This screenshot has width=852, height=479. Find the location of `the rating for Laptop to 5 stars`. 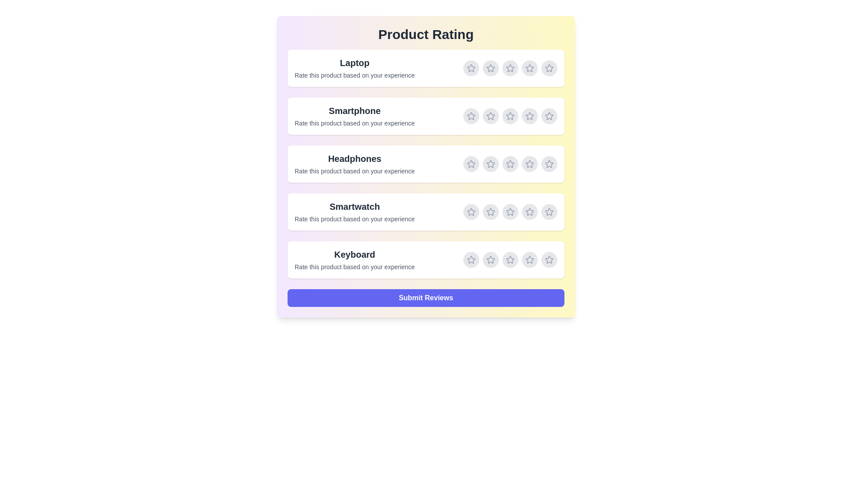

the rating for Laptop to 5 stars is located at coordinates (549, 68).